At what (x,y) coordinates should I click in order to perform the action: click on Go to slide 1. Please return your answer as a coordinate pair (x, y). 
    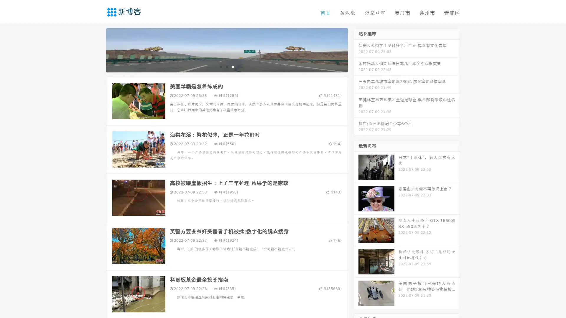
    Looking at the image, I should click on (221, 66).